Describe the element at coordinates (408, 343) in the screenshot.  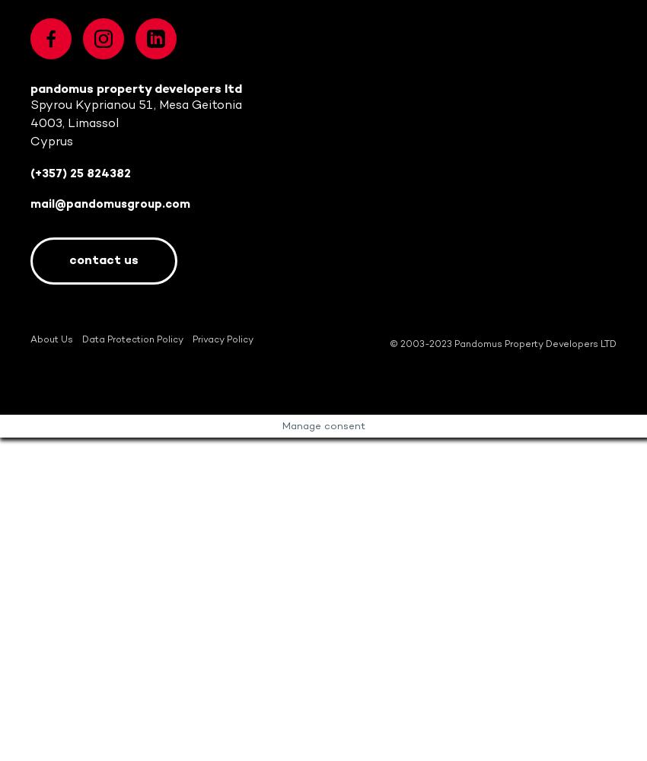
I see `'© 2003-'` at that location.